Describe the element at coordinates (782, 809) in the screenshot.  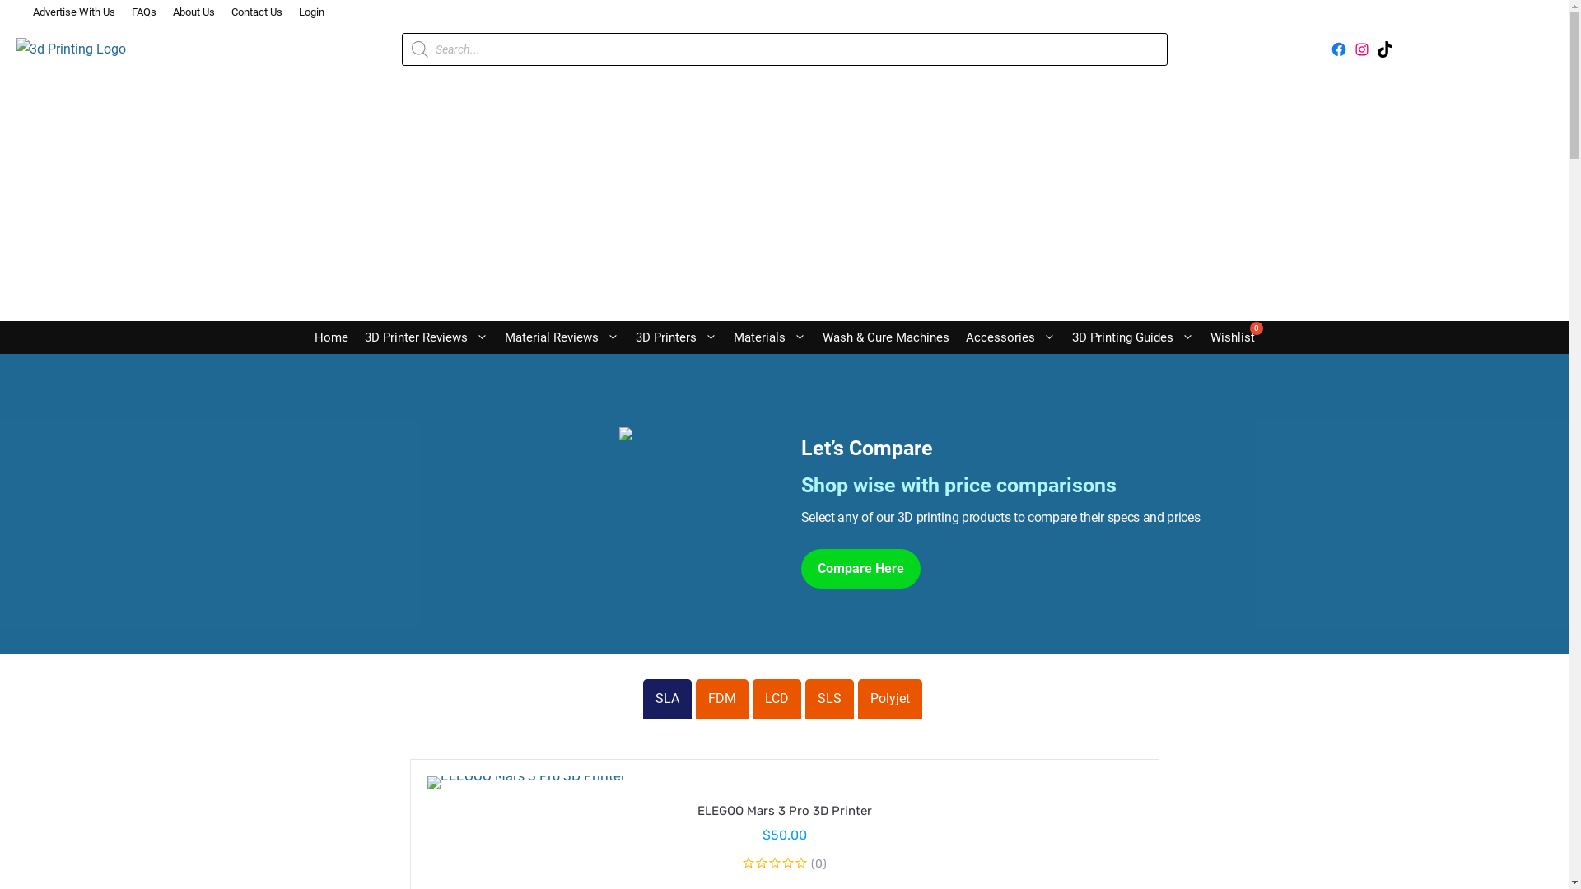
I see `'ELEGOO Mars 3 Pro 3D Printer'` at that location.